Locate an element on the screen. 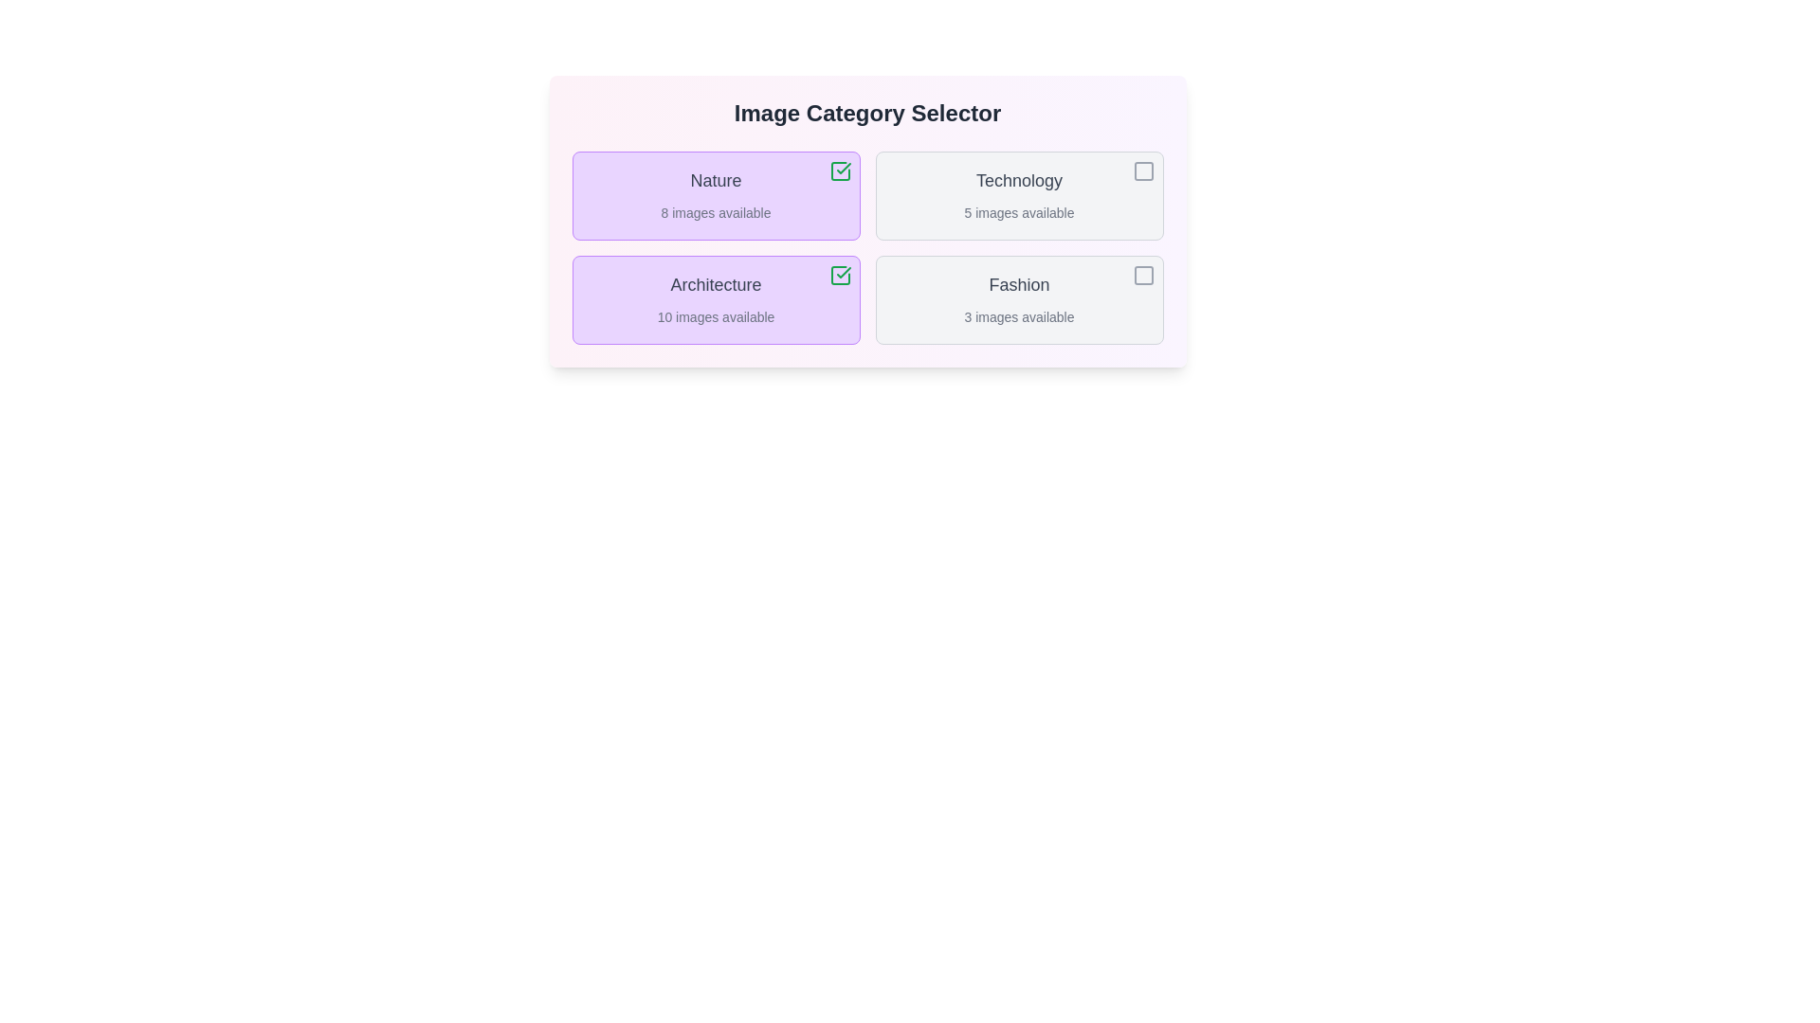  the category Architecture by clicking on its corresponding box is located at coordinates (715, 298).